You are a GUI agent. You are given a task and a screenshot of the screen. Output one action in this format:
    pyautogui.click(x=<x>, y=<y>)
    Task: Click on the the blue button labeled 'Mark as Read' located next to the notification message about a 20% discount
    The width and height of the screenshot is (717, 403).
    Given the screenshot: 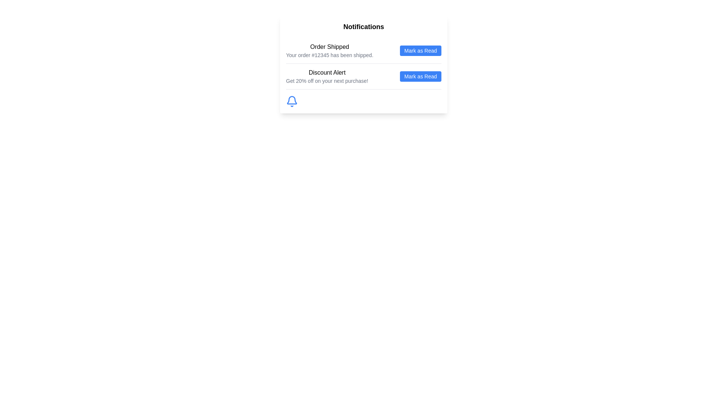 What is the action you would take?
    pyautogui.click(x=420, y=76)
    